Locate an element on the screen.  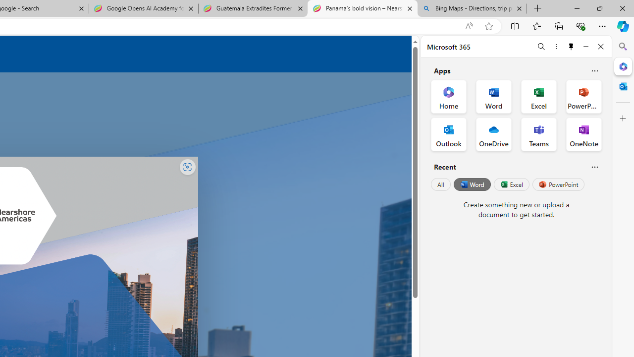
'OneNote Office App' is located at coordinates (583, 134).